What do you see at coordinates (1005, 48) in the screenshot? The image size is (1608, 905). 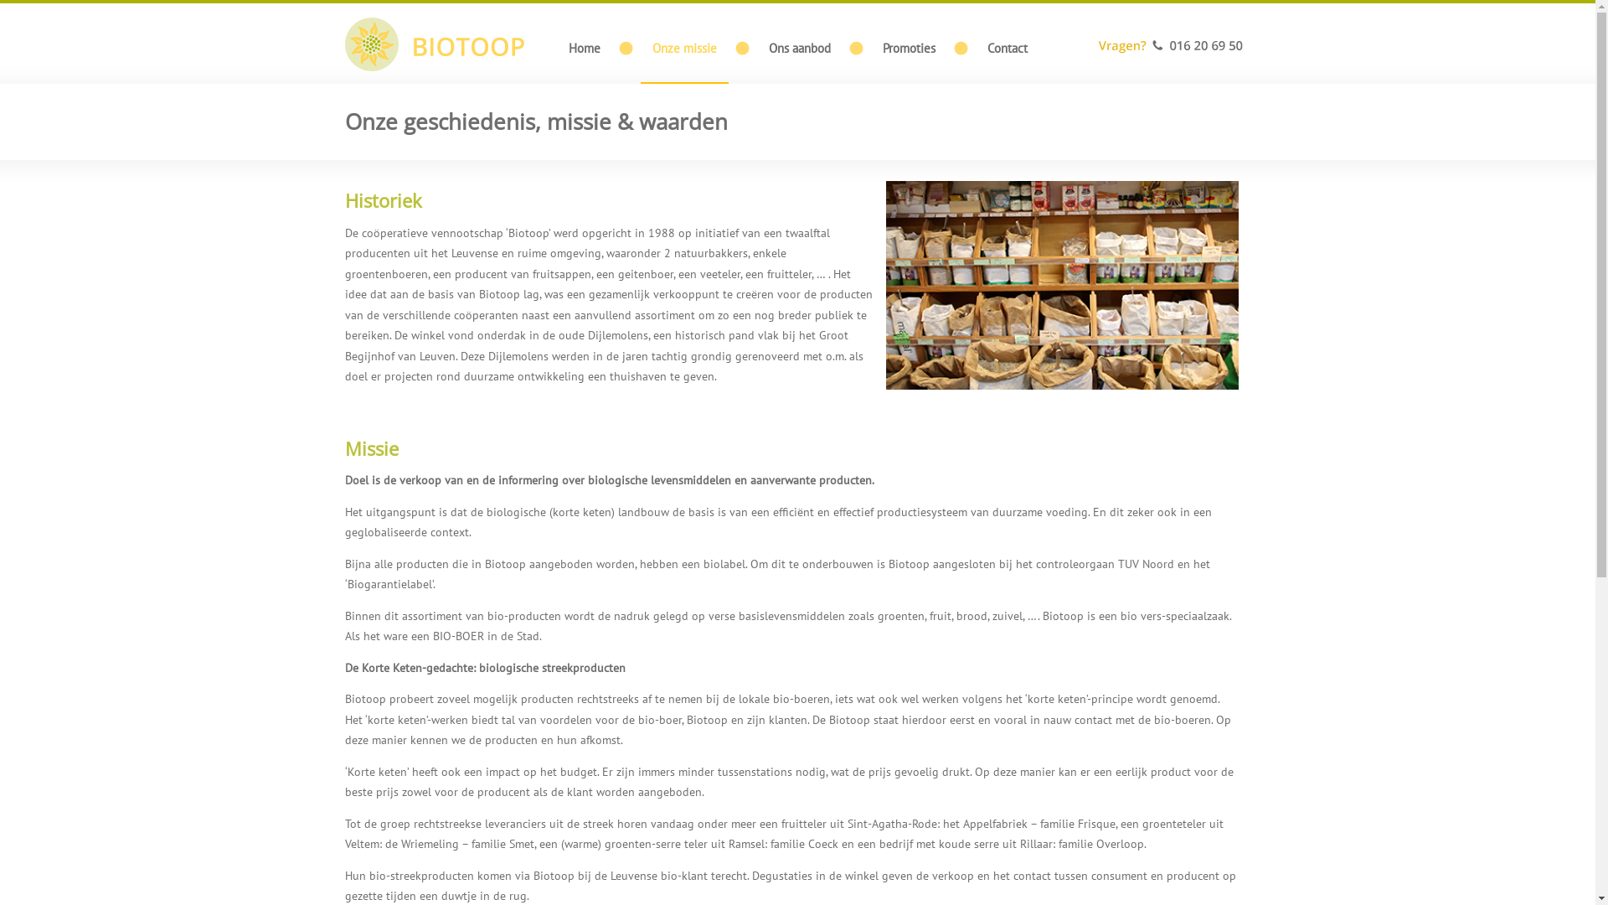 I see `'Contact'` at bounding box center [1005, 48].